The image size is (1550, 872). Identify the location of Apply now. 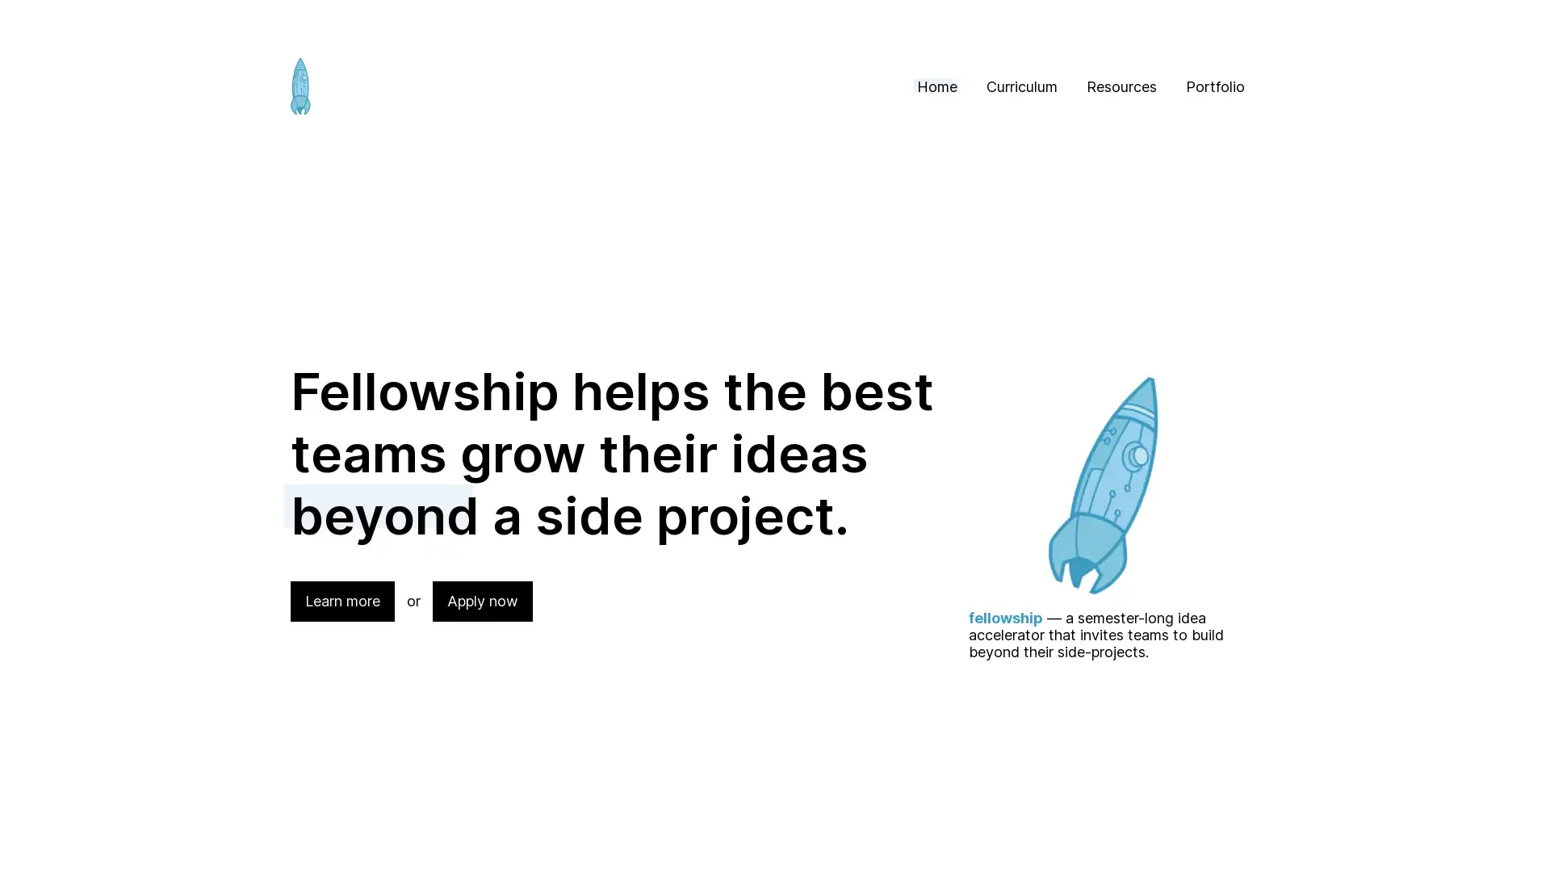
(482, 601).